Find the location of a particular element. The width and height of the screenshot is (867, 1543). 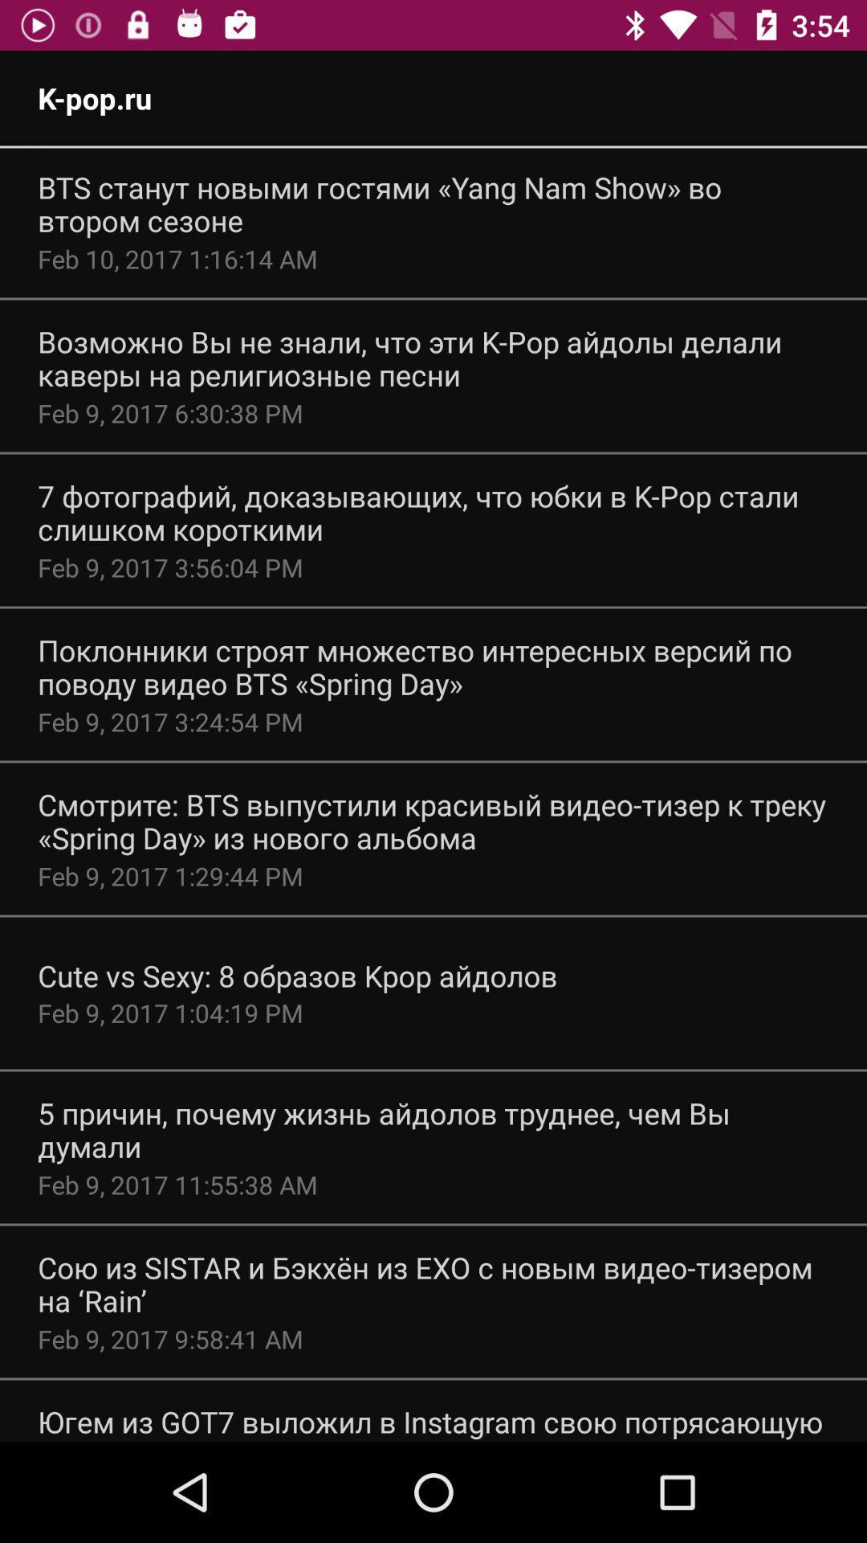

item below the feb 9 2017 is located at coordinates (297, 975).